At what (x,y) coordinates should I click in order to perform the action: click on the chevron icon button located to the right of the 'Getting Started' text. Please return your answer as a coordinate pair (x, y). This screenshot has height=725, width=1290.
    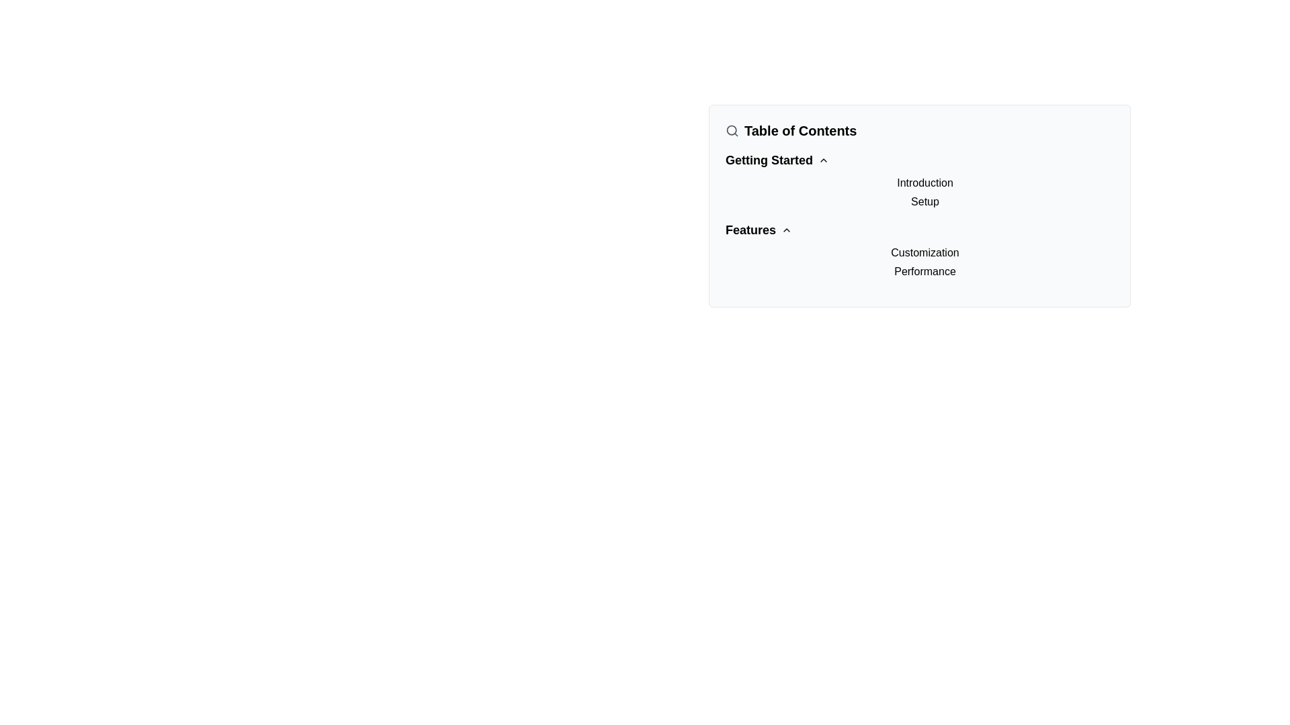
    Looking at the image, I should click on (823, 160).